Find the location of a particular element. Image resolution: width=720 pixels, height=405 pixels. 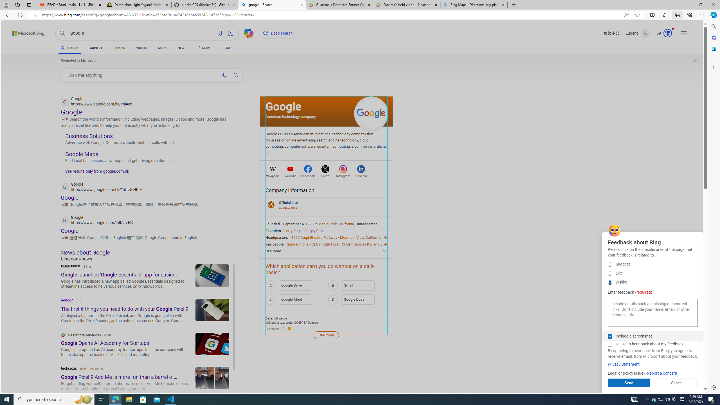

'Send' is located at coordinates (629, 382).